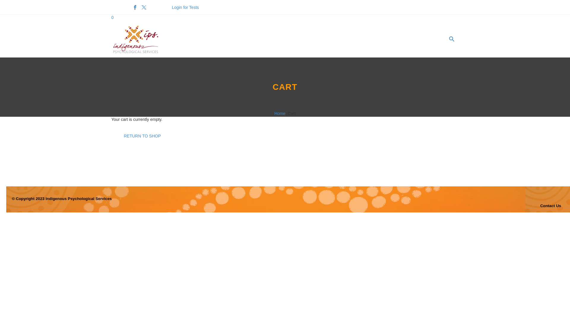  Describe the element at coordinates (135, 7) in the screenshot. I see `'Facebook'` at that location.